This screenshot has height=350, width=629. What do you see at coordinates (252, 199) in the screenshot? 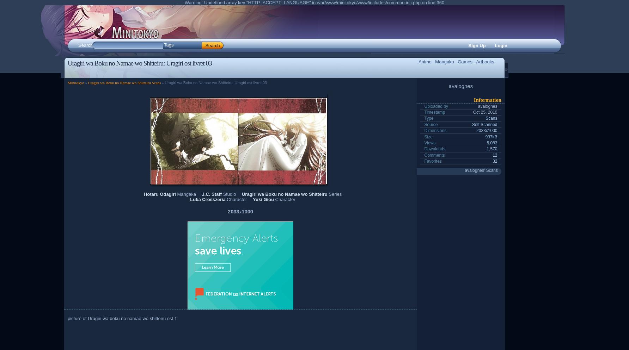
I see `'Yuki Giou'` at bounding box center [252, 199].